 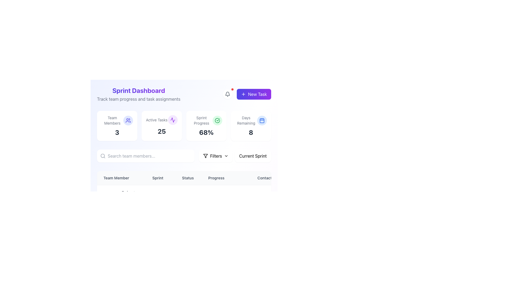 I want to click on the circular icon with a light indigo background and a darker indigo symbol of two people, located in the 'Team Members' section, to the right of the 'Team Members' text, so click(x=128, y=120).